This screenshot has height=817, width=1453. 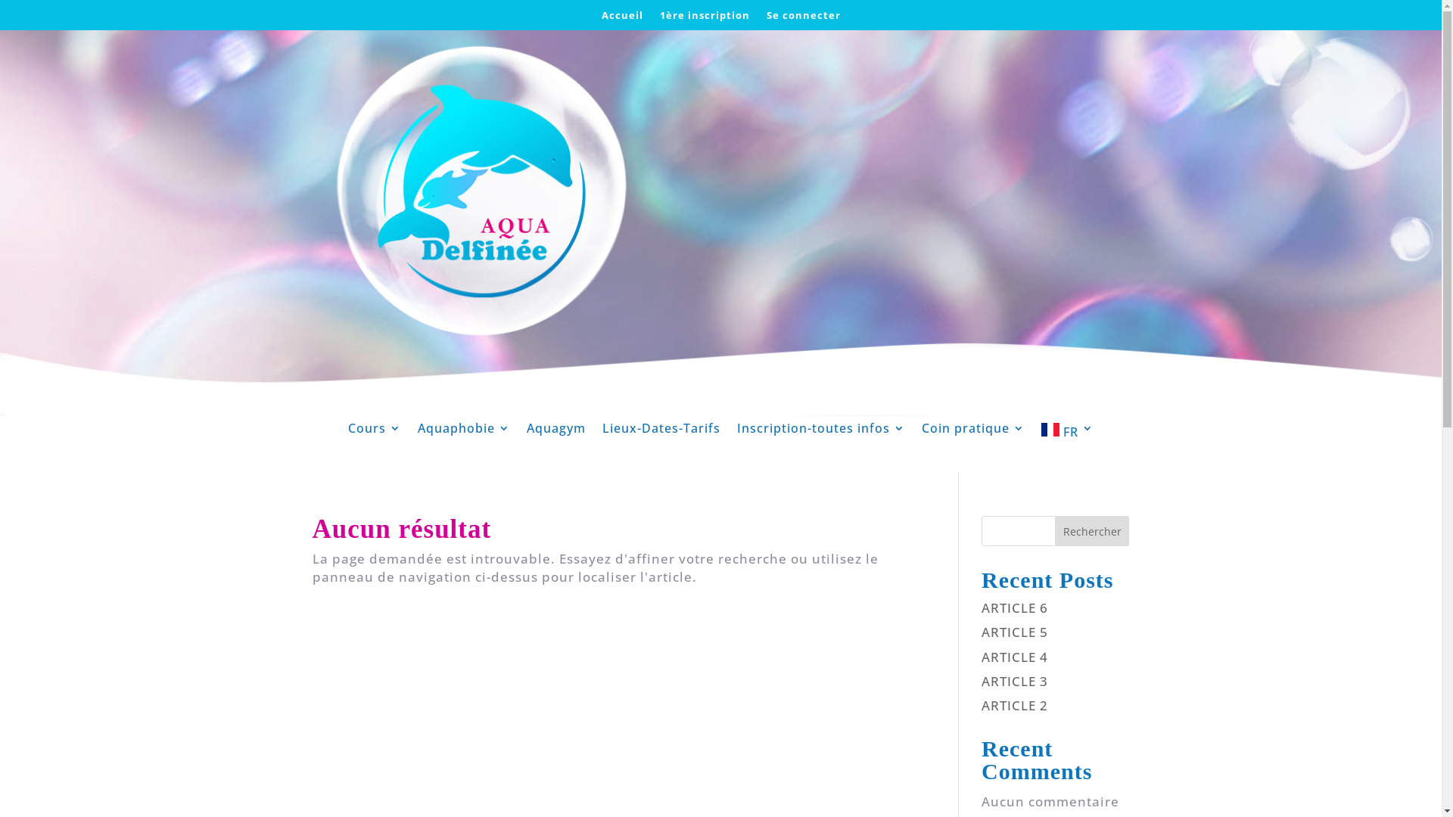 I want to click on 'Rechercher', so click(x=1092, y=530).